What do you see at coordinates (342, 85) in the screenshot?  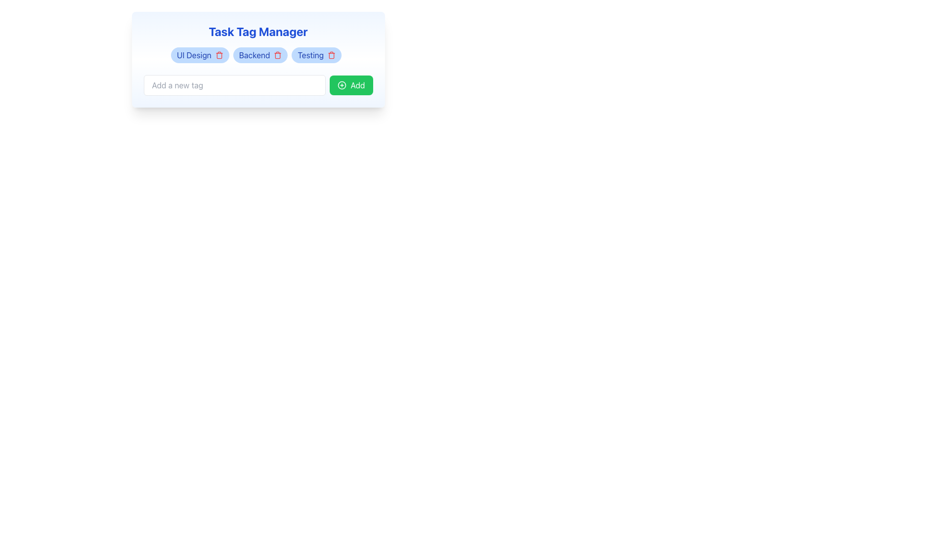 I see `the central circular outline within the SVG icon that is part of the green button, positioned to the left of the 'Add' text` at bounding box center [342, 85].